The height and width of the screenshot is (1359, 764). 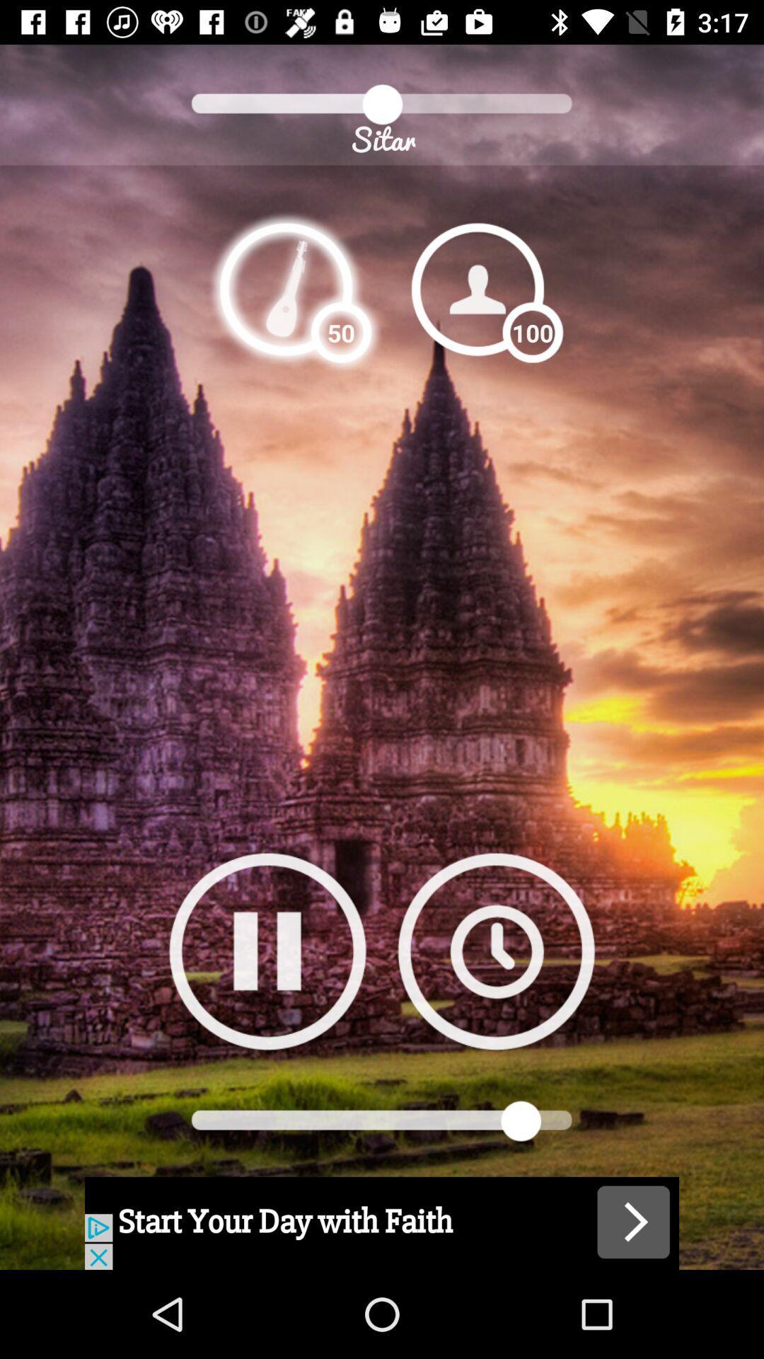 What do you see at coordinates (267, 951) in the screenshot?
I see `the stop option` at bounding box center [267, 951].